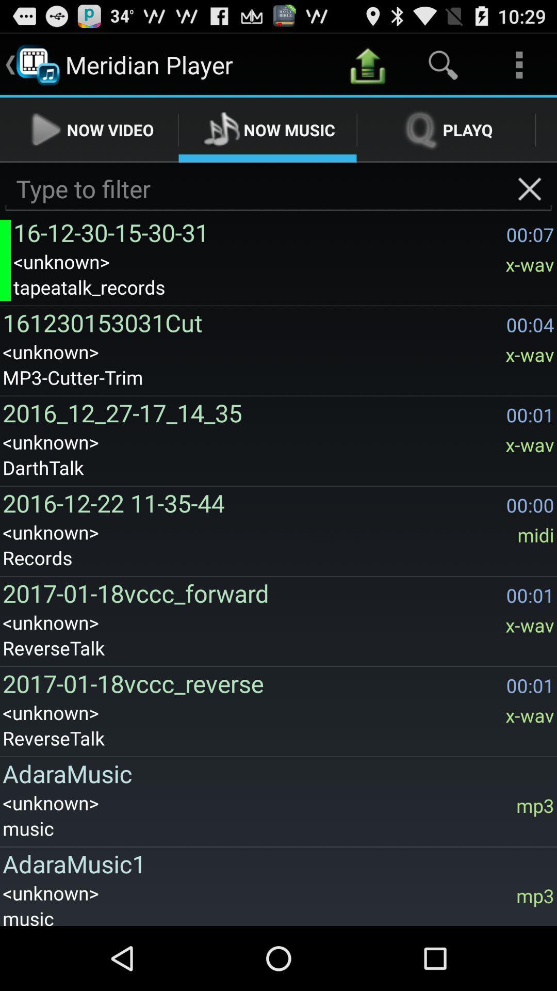 This screenshot has width=557, height=991. Describe the element at coordinates (275, 773) in the screenshot. I see `adaramusic app` at that location.